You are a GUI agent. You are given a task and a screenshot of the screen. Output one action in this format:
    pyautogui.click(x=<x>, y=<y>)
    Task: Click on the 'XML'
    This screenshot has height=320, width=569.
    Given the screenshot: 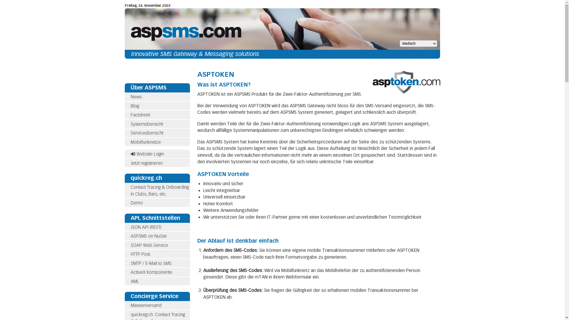 What is the action you would take?
    pyautogui.click(x=124, y=281)
    